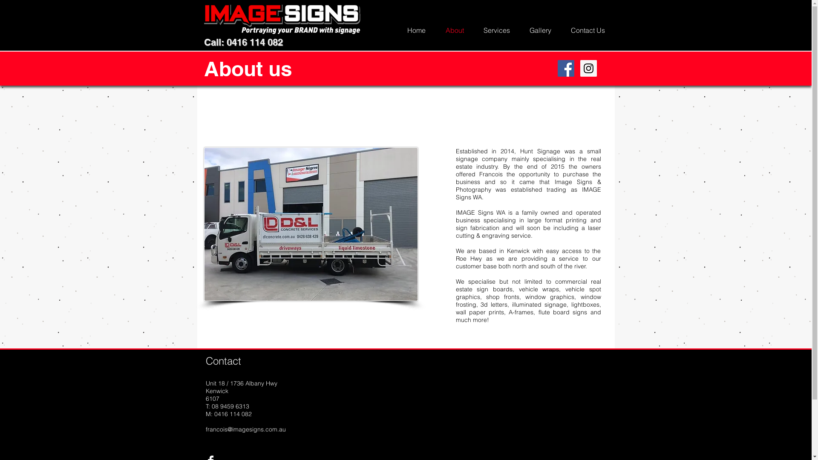  What do you see at coordinates (416, 29) in the screenshot?
I see `'Home'` at bounding box center [416, 29].